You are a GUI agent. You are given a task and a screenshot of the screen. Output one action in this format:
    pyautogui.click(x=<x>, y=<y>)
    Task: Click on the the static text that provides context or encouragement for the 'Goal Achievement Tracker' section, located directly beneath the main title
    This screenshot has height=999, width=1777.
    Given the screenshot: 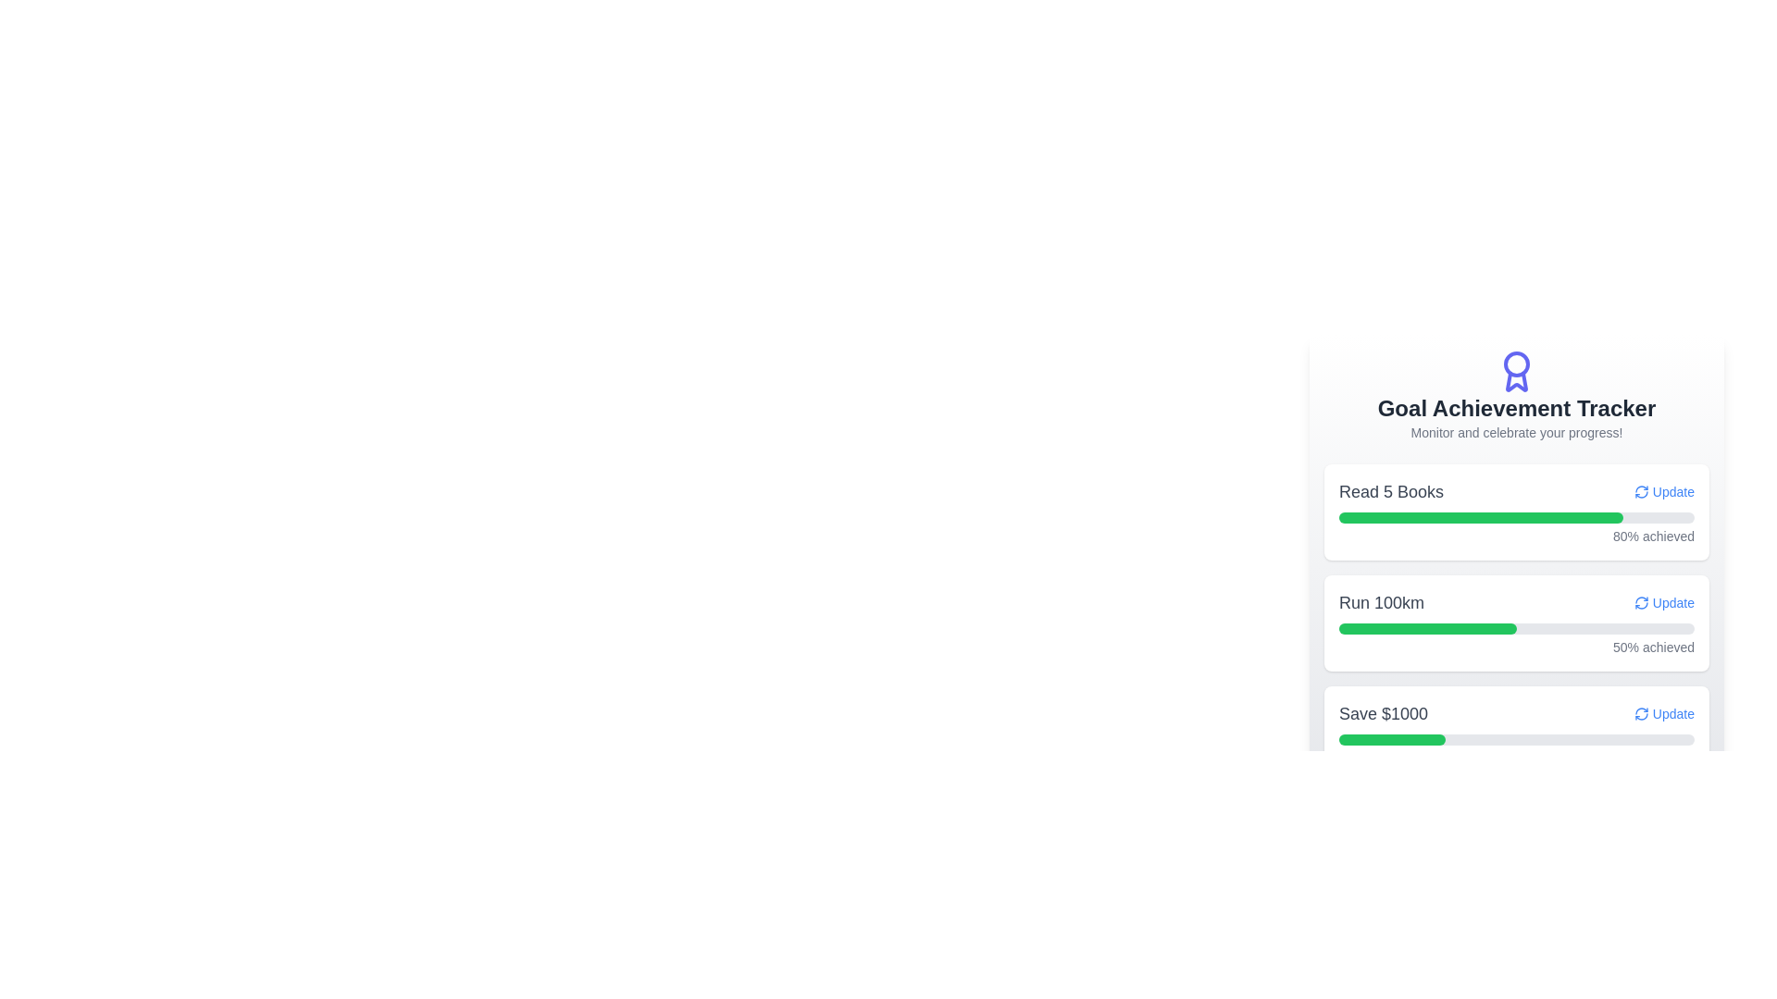 What is the action you would take?
    pyautogui.click(x=1516, y=432)
    